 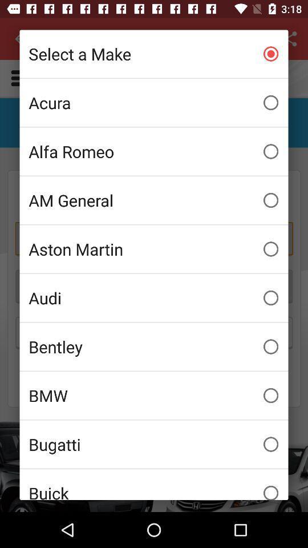 I want to click on the bmw icon, so click(x=154, y=396).